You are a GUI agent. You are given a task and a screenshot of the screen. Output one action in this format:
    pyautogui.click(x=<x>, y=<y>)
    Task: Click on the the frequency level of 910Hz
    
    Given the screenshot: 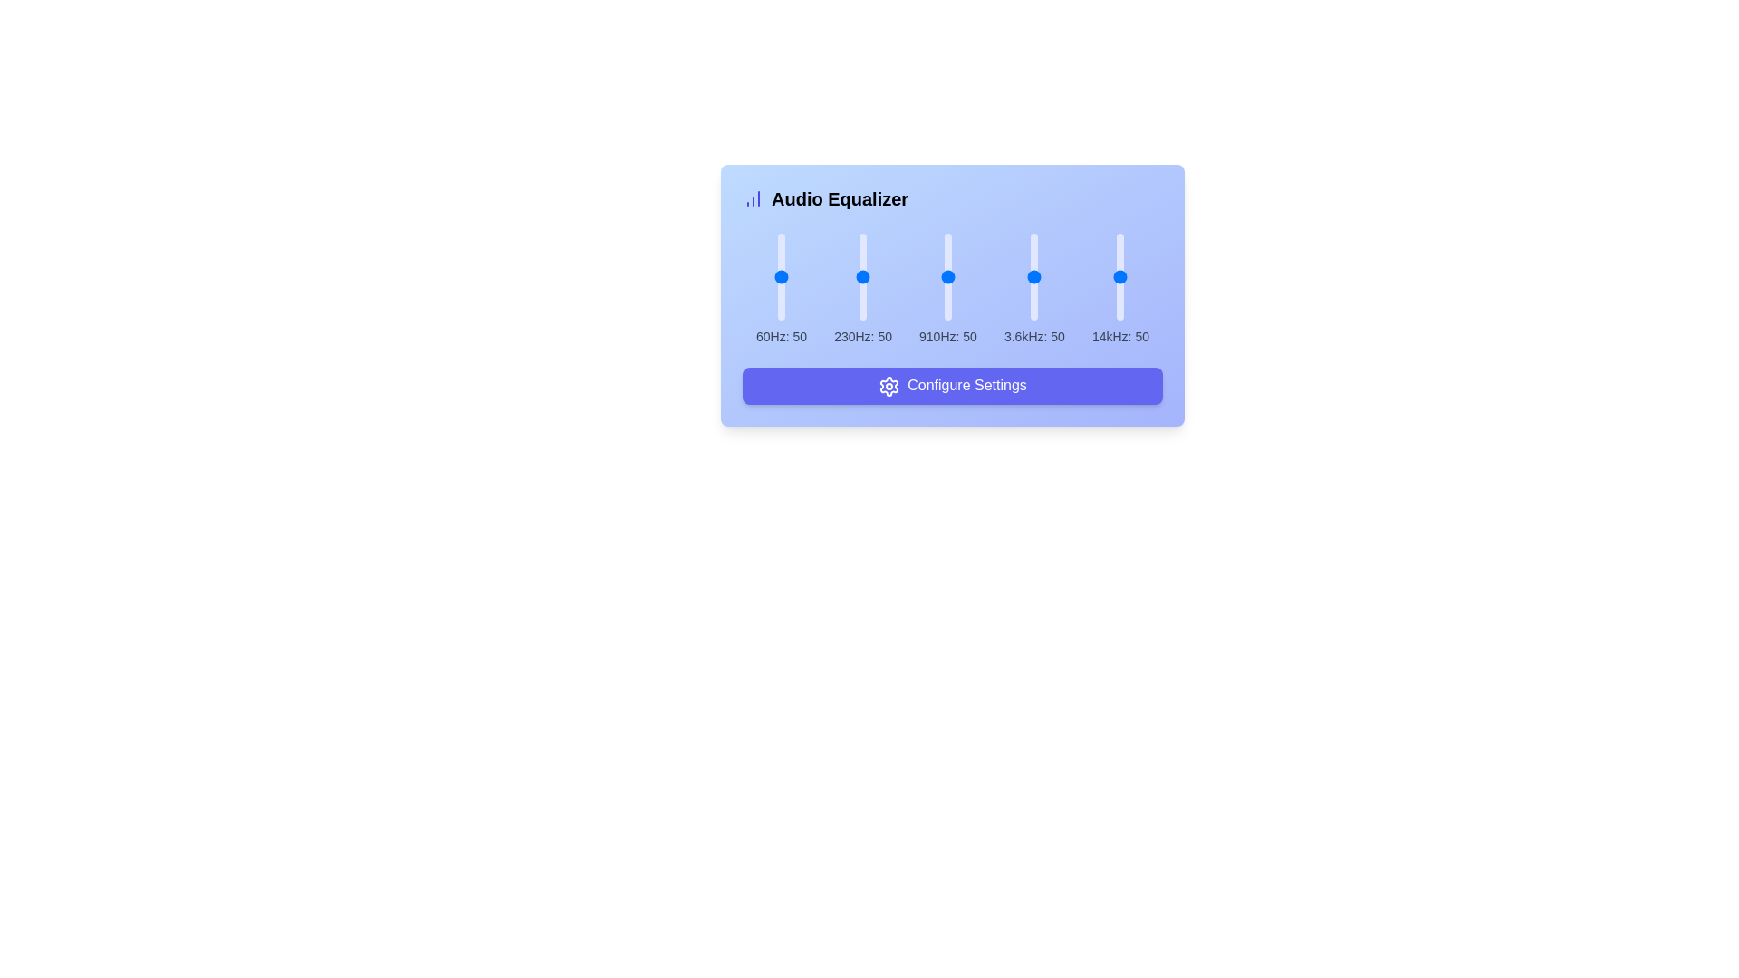 What is the action you would take?
    pyautogui.click(x=946, y=274)
    